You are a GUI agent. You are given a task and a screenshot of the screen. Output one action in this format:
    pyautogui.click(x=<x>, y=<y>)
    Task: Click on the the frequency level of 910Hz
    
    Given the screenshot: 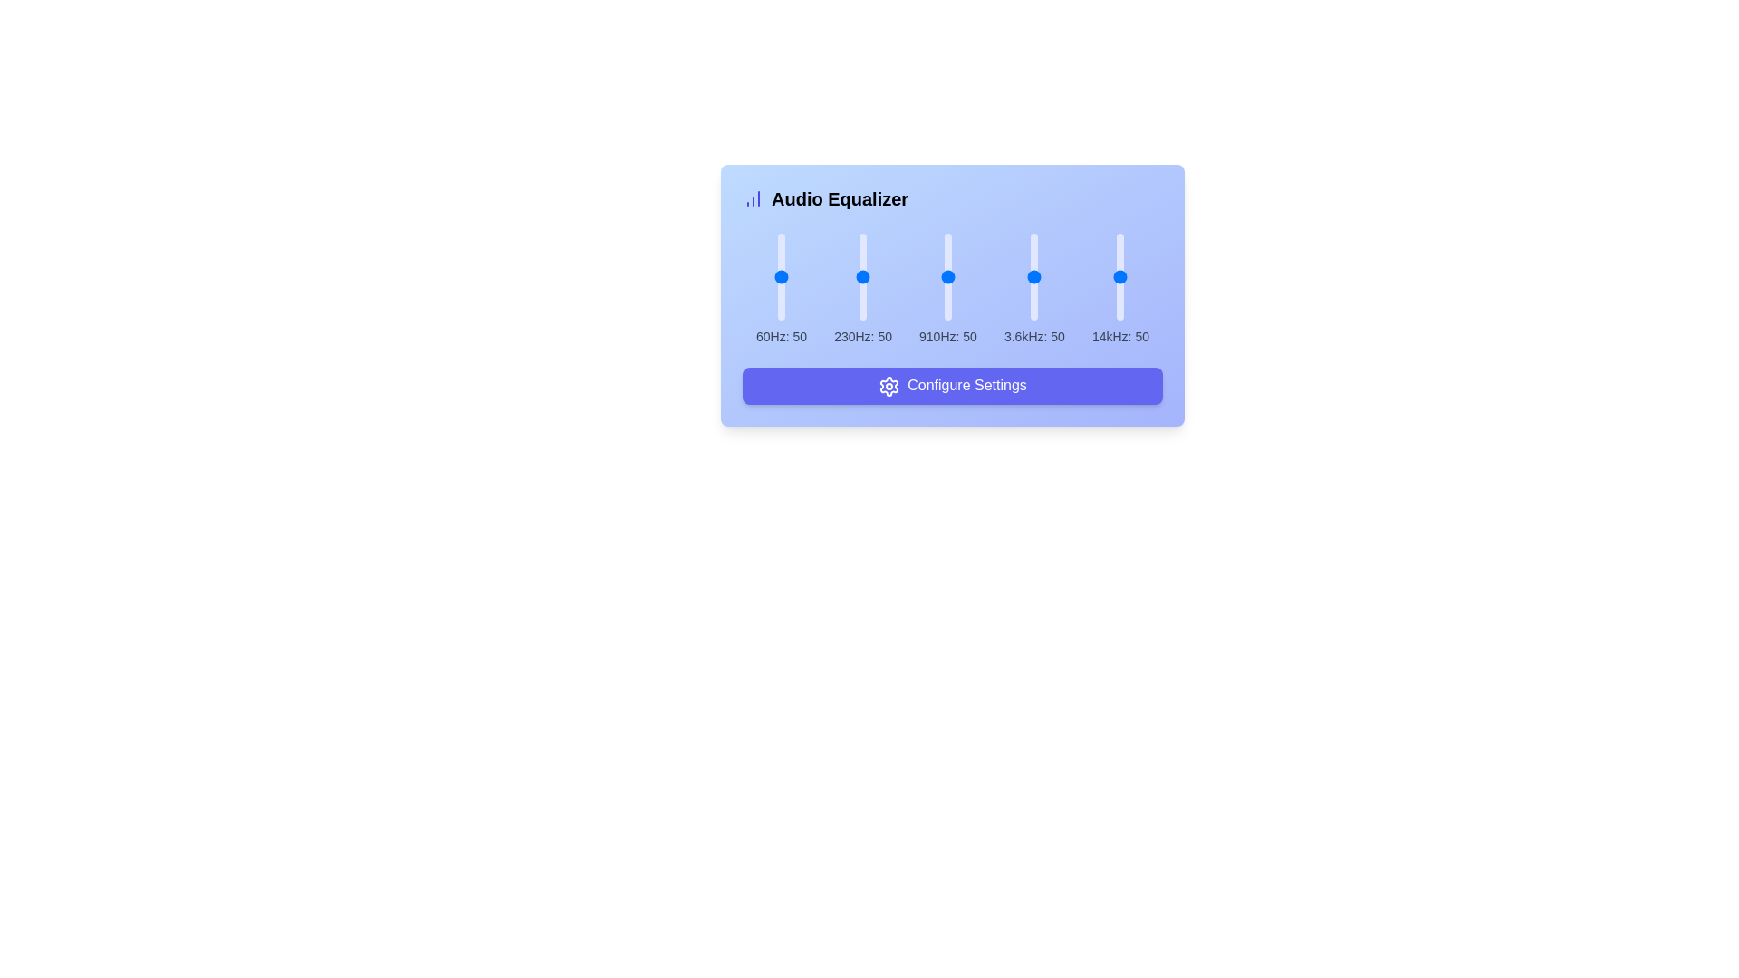 What is the action you would take?
    pyautogui.click(x=946, y=274)
    